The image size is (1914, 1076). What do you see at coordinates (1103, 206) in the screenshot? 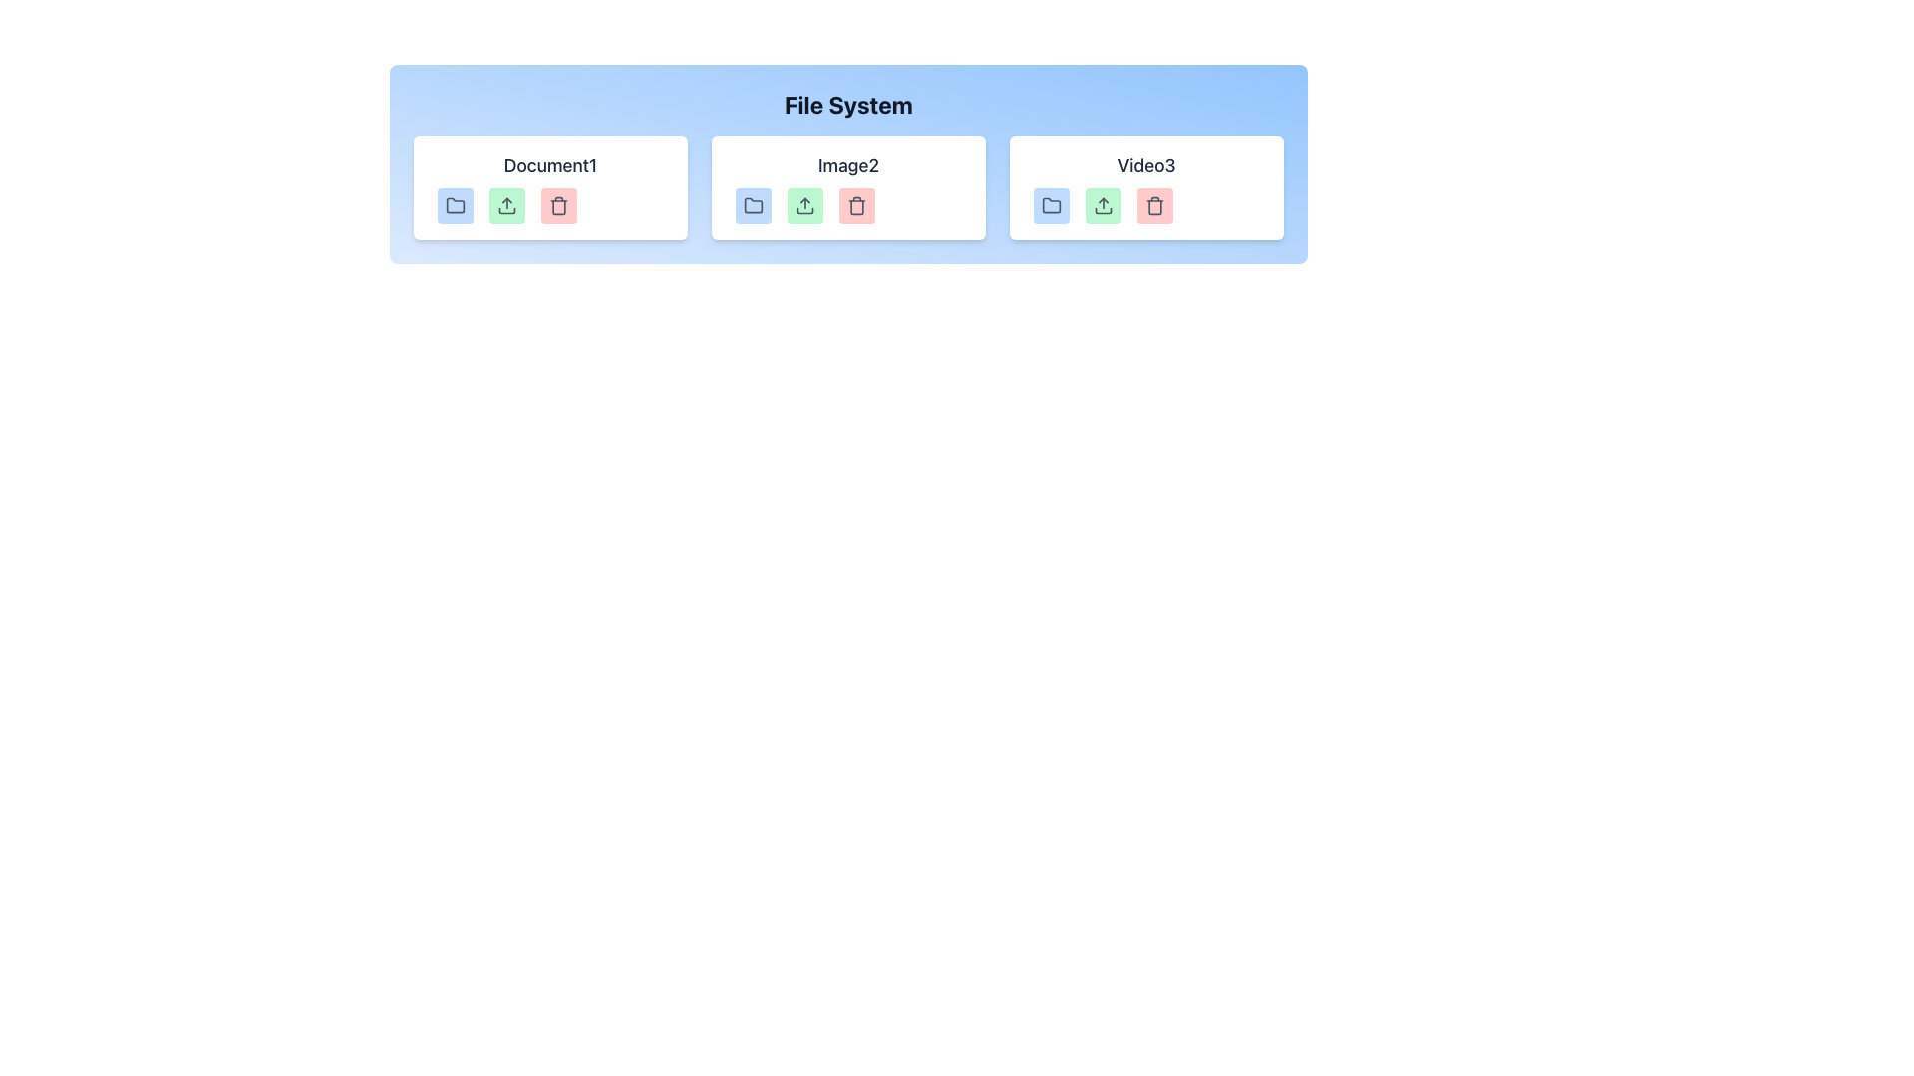
I see `the upload icon button, which is represented by an upward arrow over a green rounded rectangular base` at bounding box center [1103, 206].